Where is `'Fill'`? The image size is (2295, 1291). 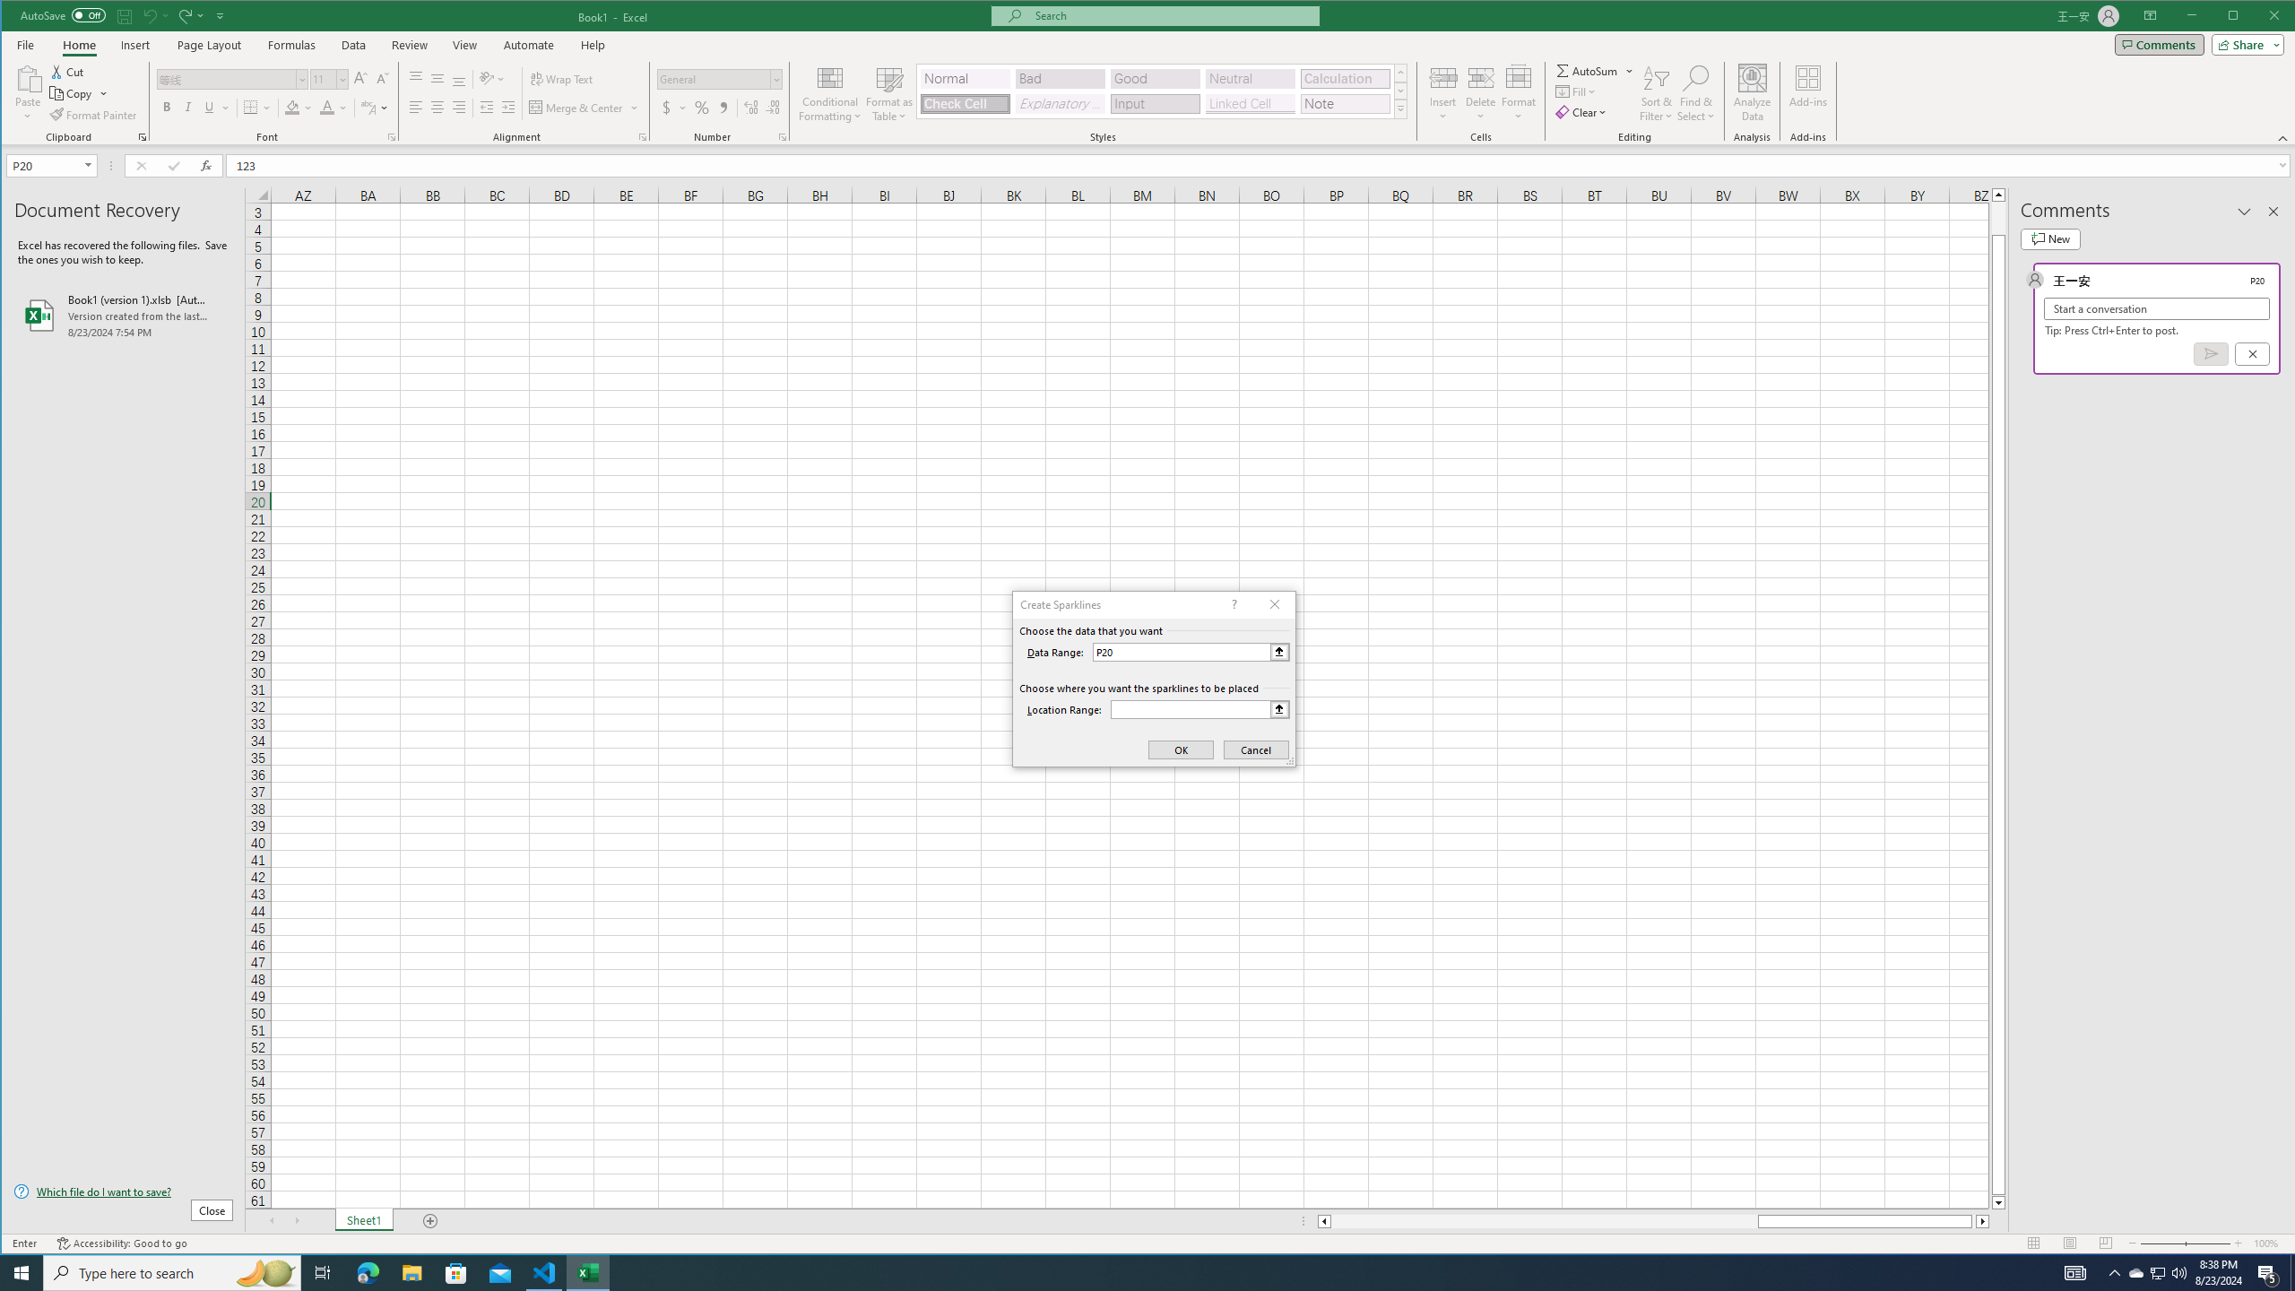
'Fill' is located at coordinates (1578, 91).